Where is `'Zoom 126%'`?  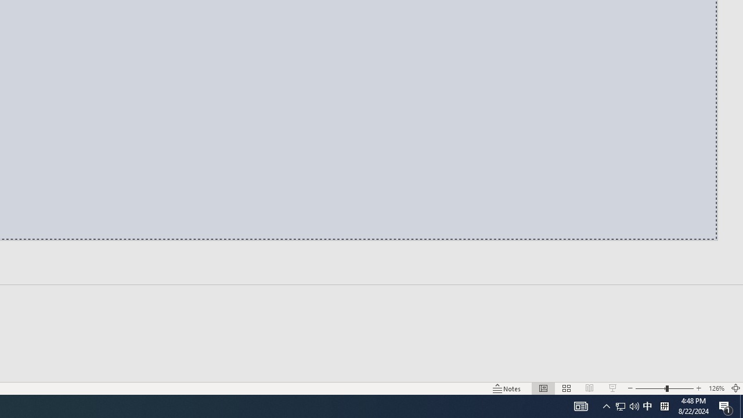 'Zoom 126%' is located at coordinates (716, 388).